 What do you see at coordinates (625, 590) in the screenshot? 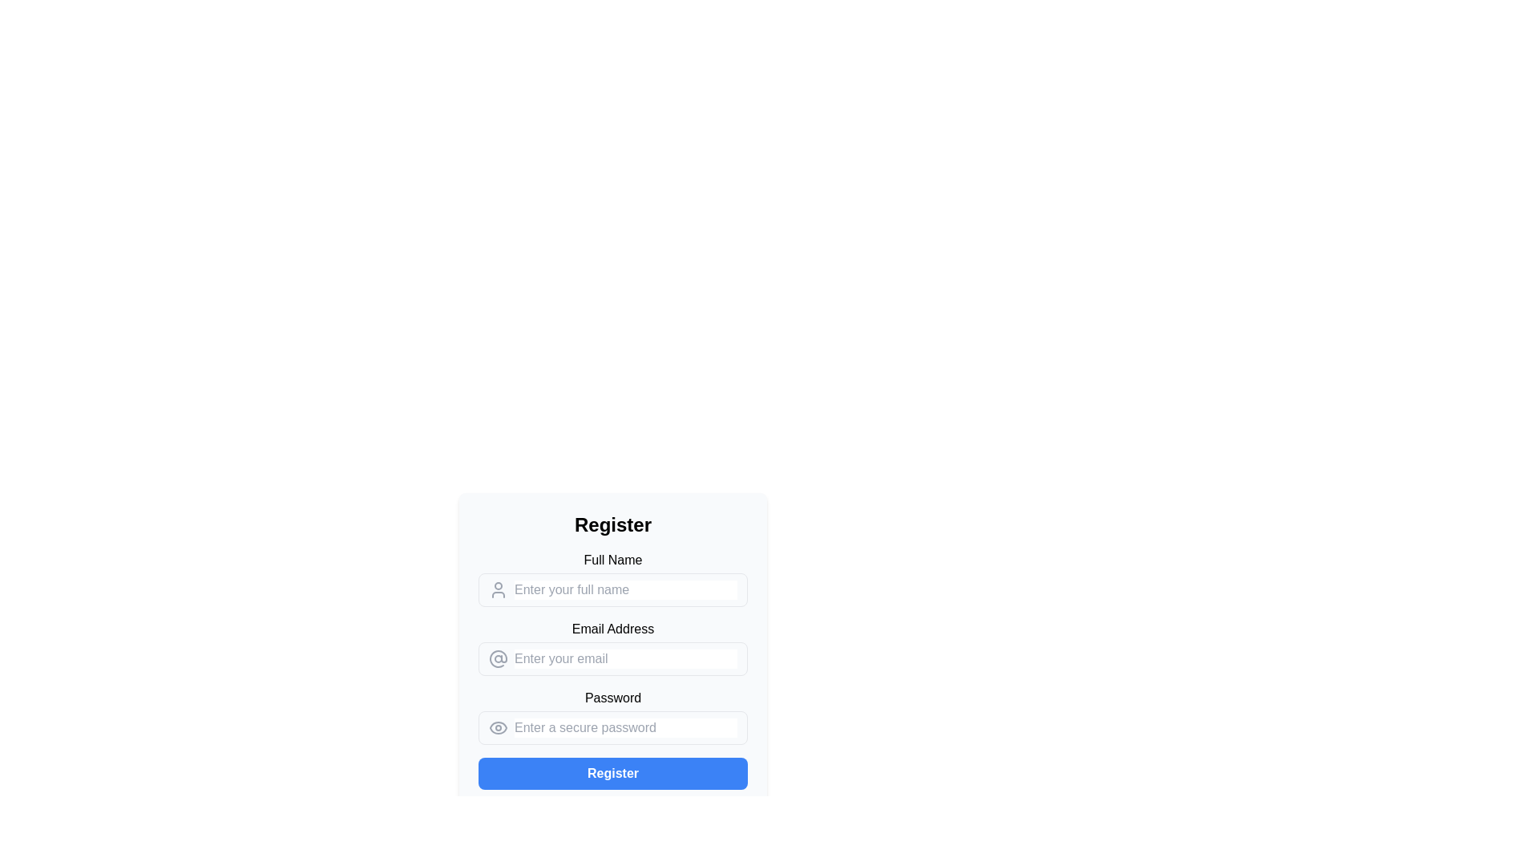
I see `the single-line text input field labeled 'Full Name'` at bounding box center [625, 590].